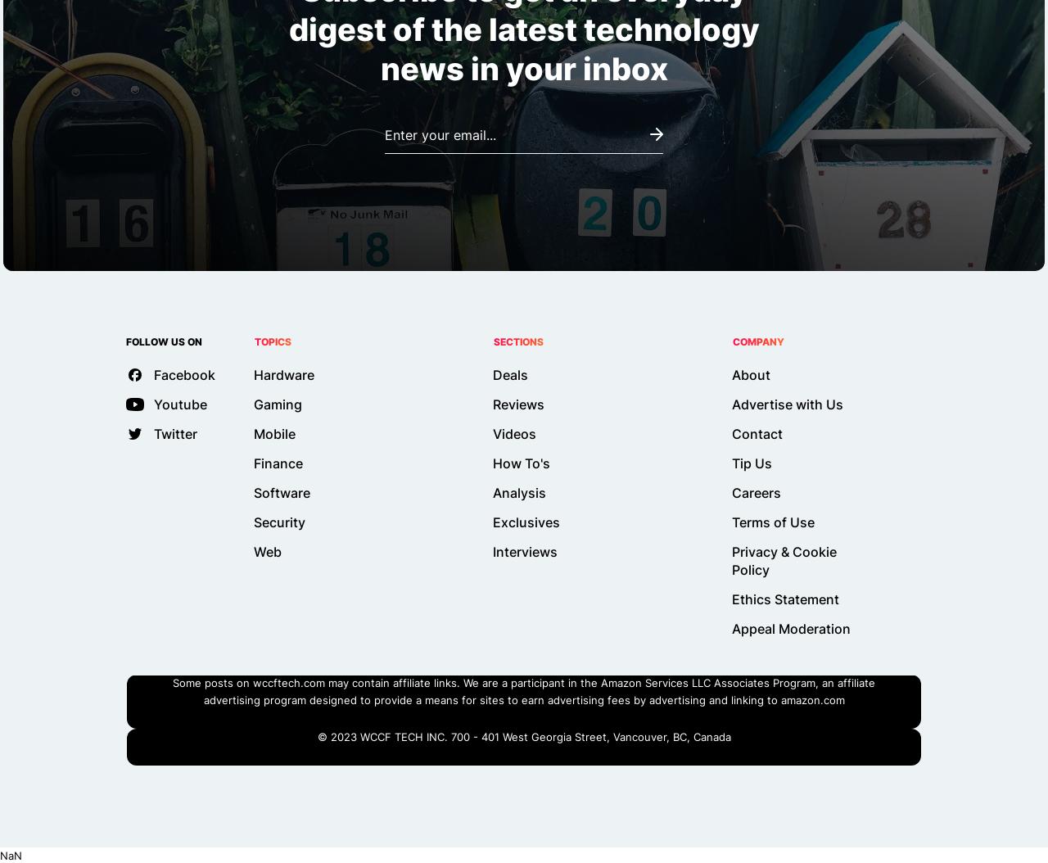 This screenshot has width=1048, height=863. What do you see at coordinates (284, 374) in the screenshot?
I see `'Hardware'` at bounding box center [284, 374].